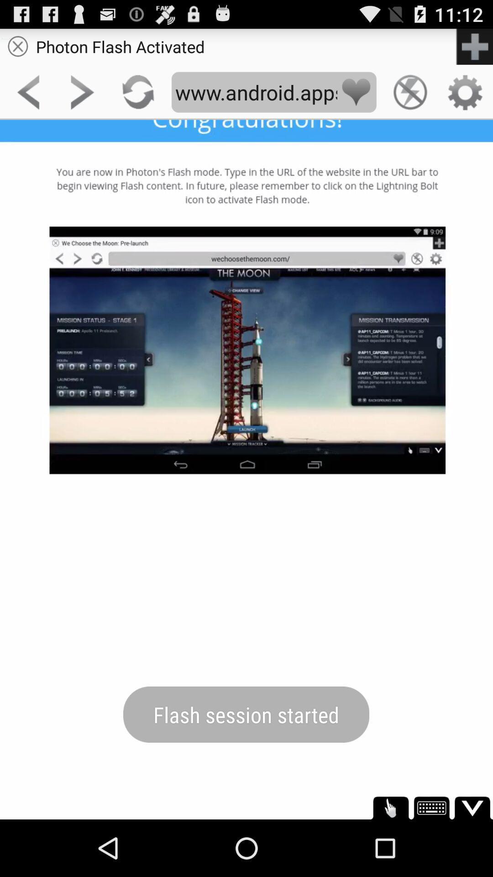 The height and width of the screenshot is (877, 493). I want to click on the add icon, so click(474, 49).